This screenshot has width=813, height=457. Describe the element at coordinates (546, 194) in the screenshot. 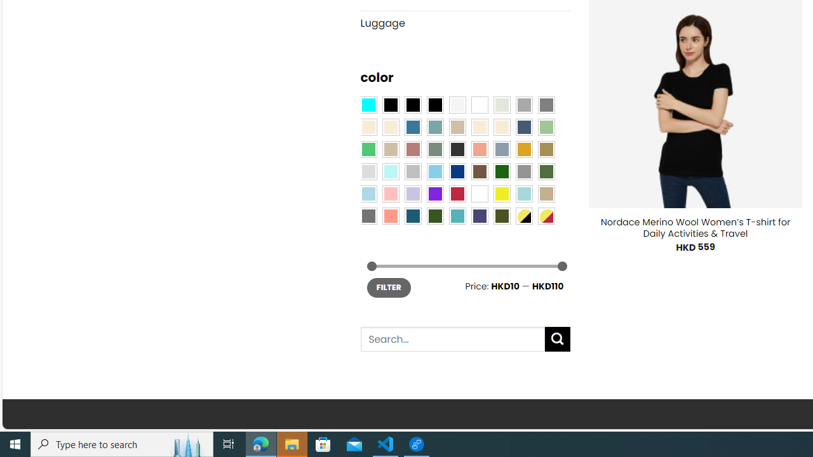

I see `'Khaki'` at that location.